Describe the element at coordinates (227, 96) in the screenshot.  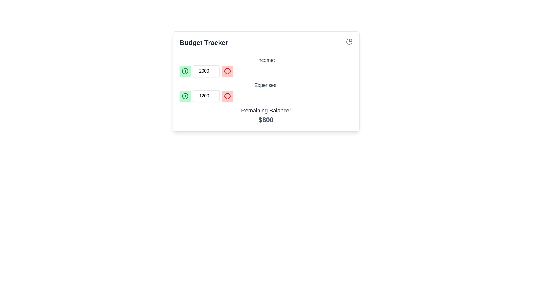
I see `the second red circular 'remove' button located below the similar button in the income section` at that location.